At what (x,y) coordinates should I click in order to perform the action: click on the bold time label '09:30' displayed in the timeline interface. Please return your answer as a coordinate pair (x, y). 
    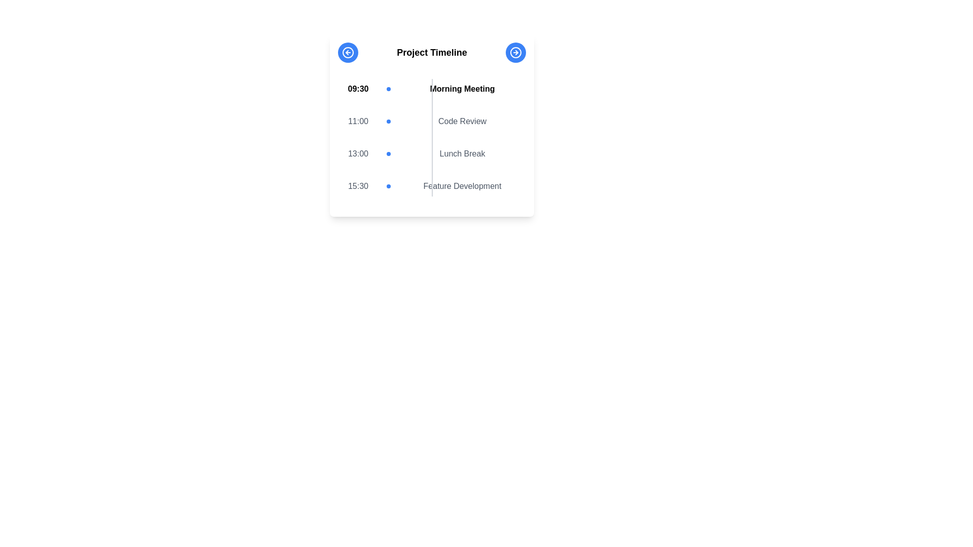
    Looking at the image, I should click on (358, 89).